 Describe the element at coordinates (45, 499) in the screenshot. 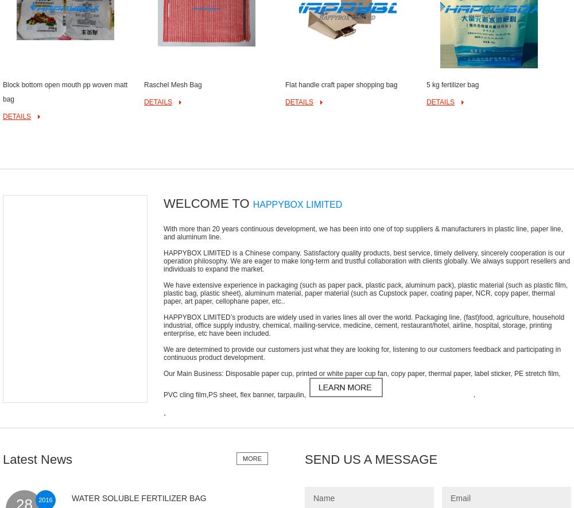

I see `'2016'` at that location.